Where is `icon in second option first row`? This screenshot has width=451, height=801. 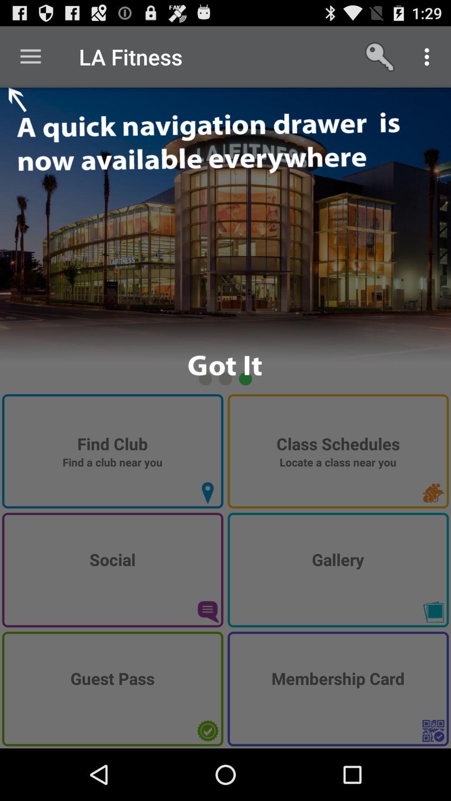 icon in second option first row is located at coordinates (433, 493).